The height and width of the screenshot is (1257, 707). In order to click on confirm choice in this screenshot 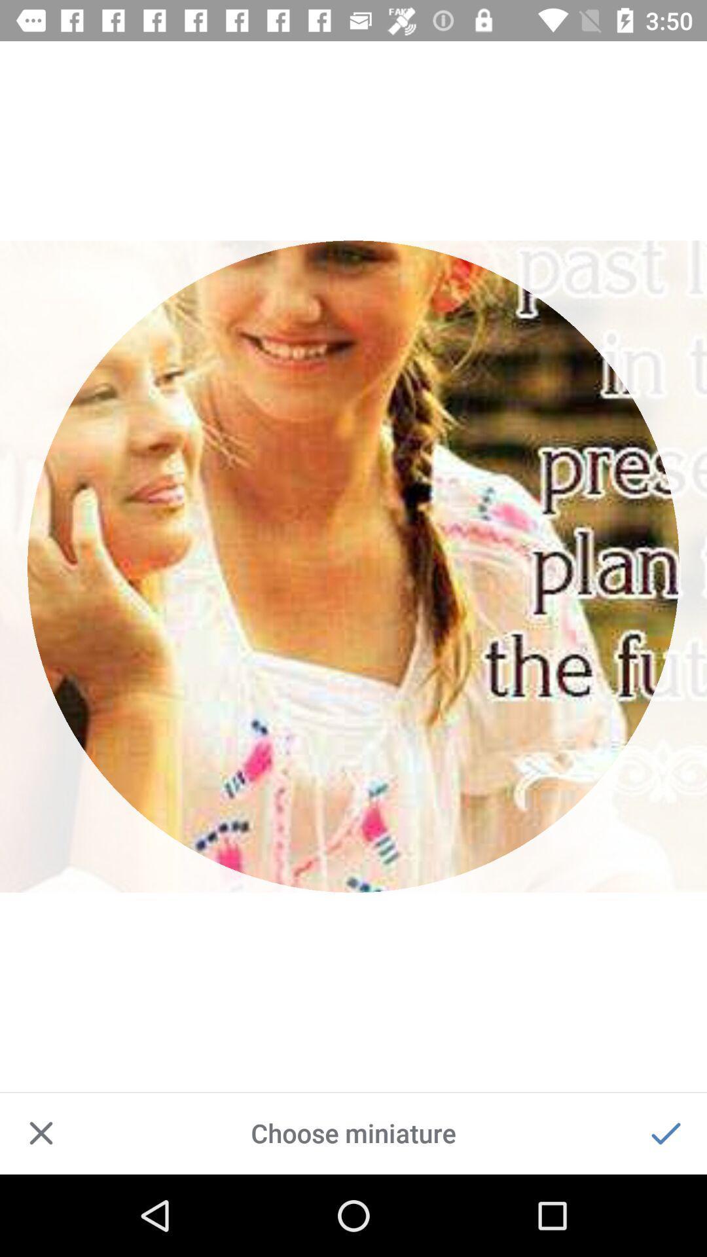, I will do `click(666, 1133)`.